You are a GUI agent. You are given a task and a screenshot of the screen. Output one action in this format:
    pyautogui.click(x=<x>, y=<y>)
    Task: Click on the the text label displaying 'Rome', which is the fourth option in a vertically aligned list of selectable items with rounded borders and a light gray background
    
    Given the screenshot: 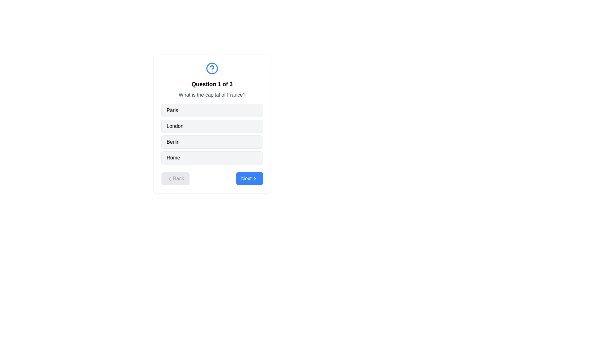 What is the action you would take?
    pyautogui.click(x=173, y=158)
    